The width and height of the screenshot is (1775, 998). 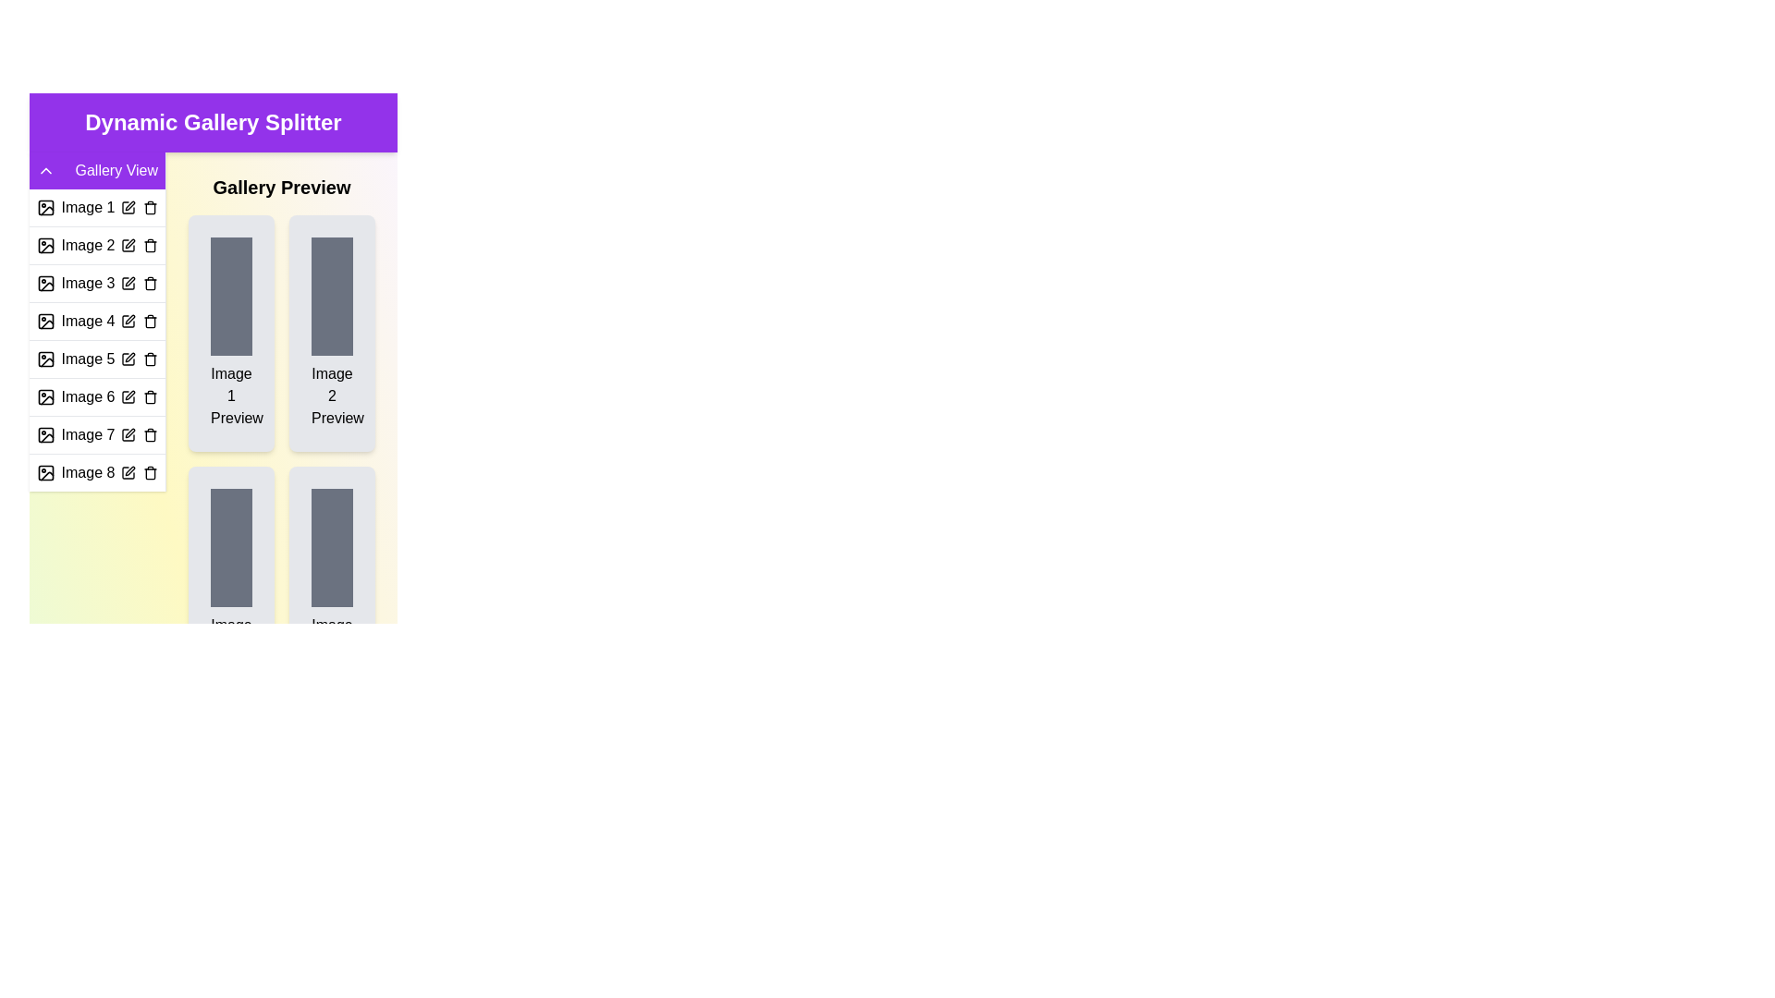 I want to click on the second icon from the left, so click(x=45, y=284).